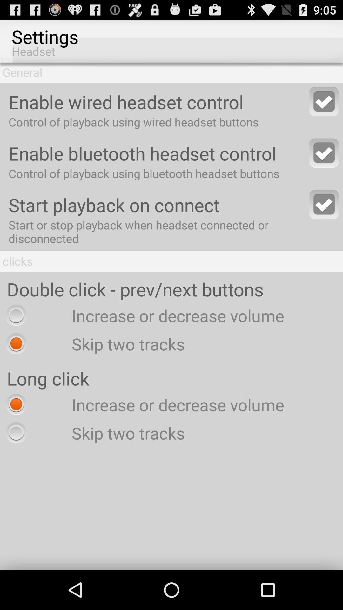 Image resolution: width=343 pixels, height=610 pixels. What do you see at coordinates (324, 101) in the screenshot?
I see `enable/disable wired headset control` at bounding box center [324, 101].